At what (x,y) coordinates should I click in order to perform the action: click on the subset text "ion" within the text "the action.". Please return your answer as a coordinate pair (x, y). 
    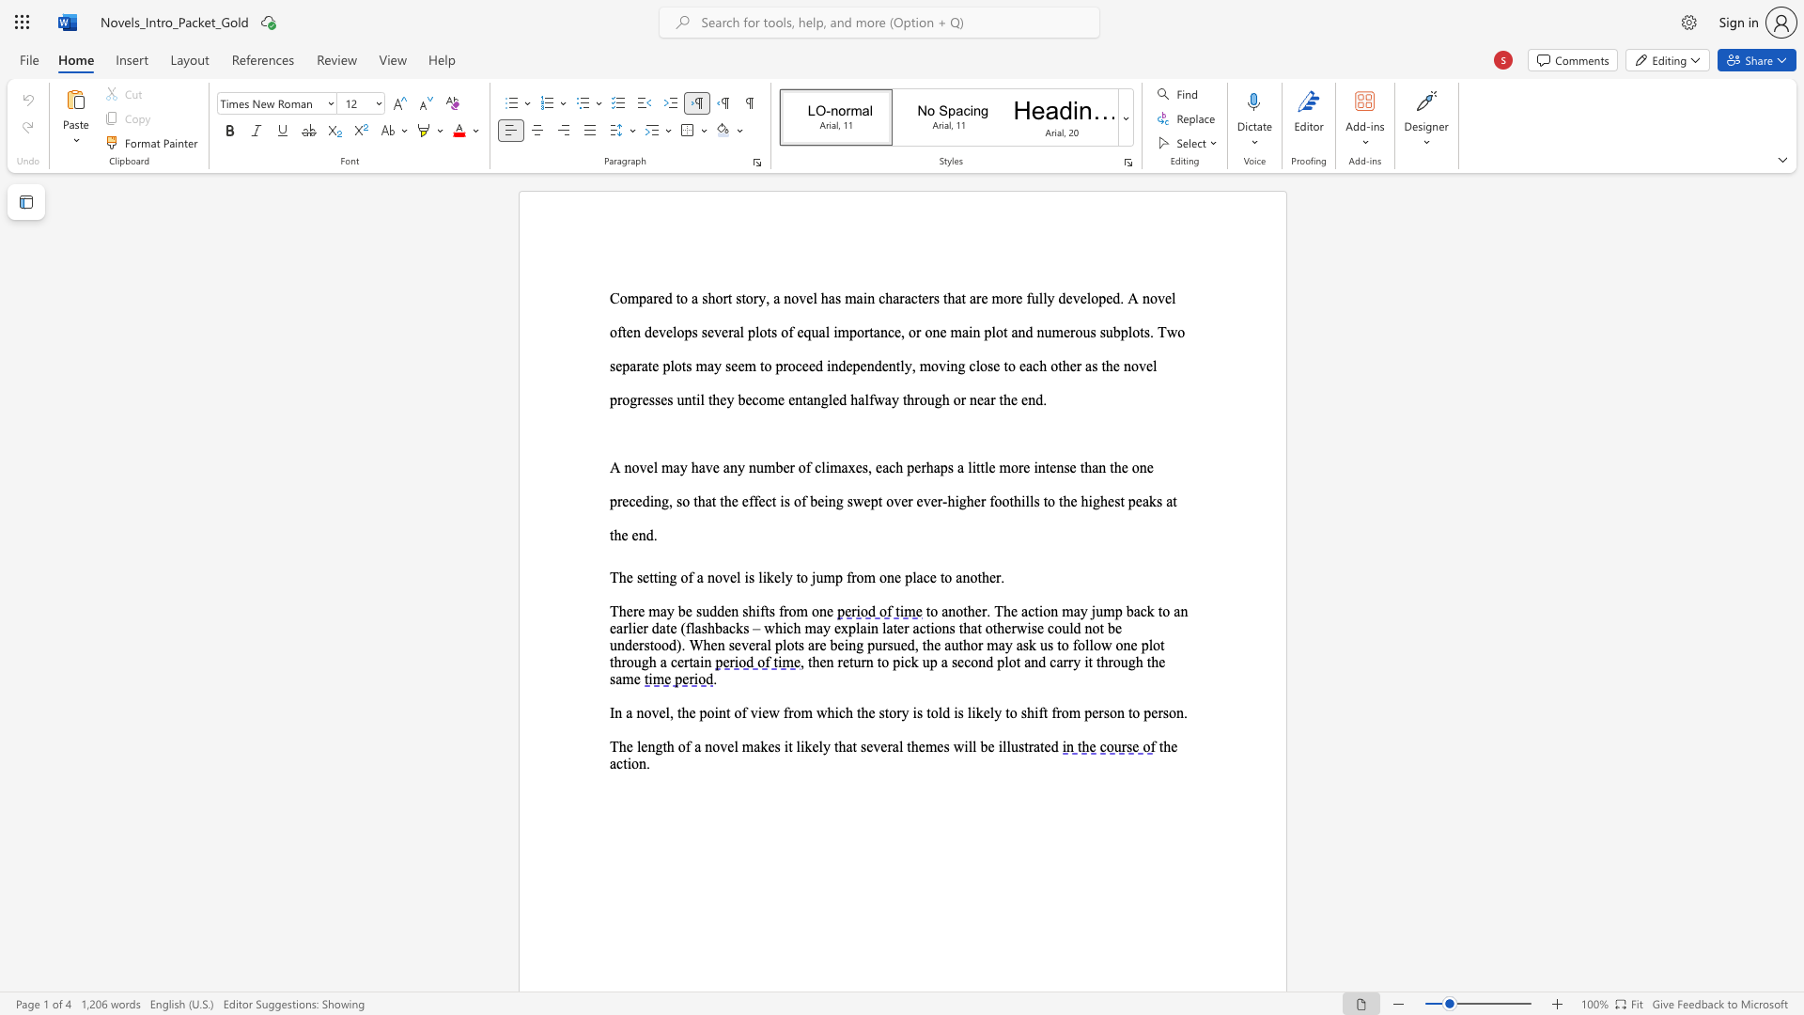
    Looking at the image, I should click on (627, 763).